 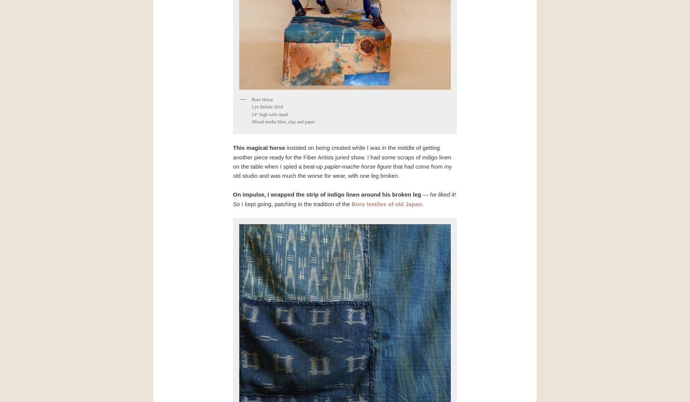 What do you see at coordinates (342, 156) in the screenshot?
I see `'insisted on being created while I was in the middle of getting another piece ready for the Fiber Artists juried show. I had some scraps of indigo linen on the table when I spied a beat-up'` at bounding box center [342, 156].